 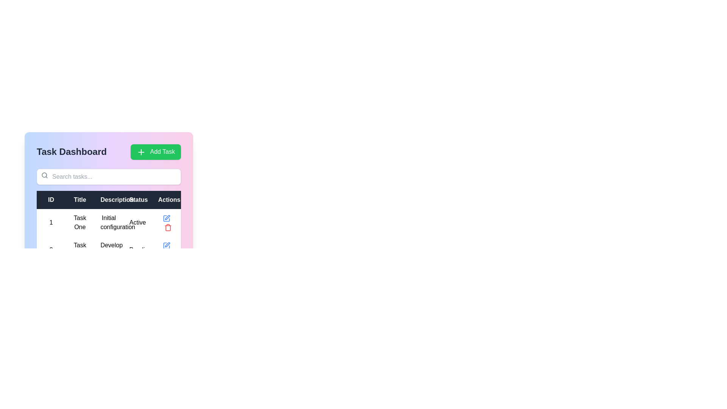 I want to click on text of the Table Header Cell that labels the column for identification numbers, located to the left of the 'Title' column, so click(x=51, y=199).